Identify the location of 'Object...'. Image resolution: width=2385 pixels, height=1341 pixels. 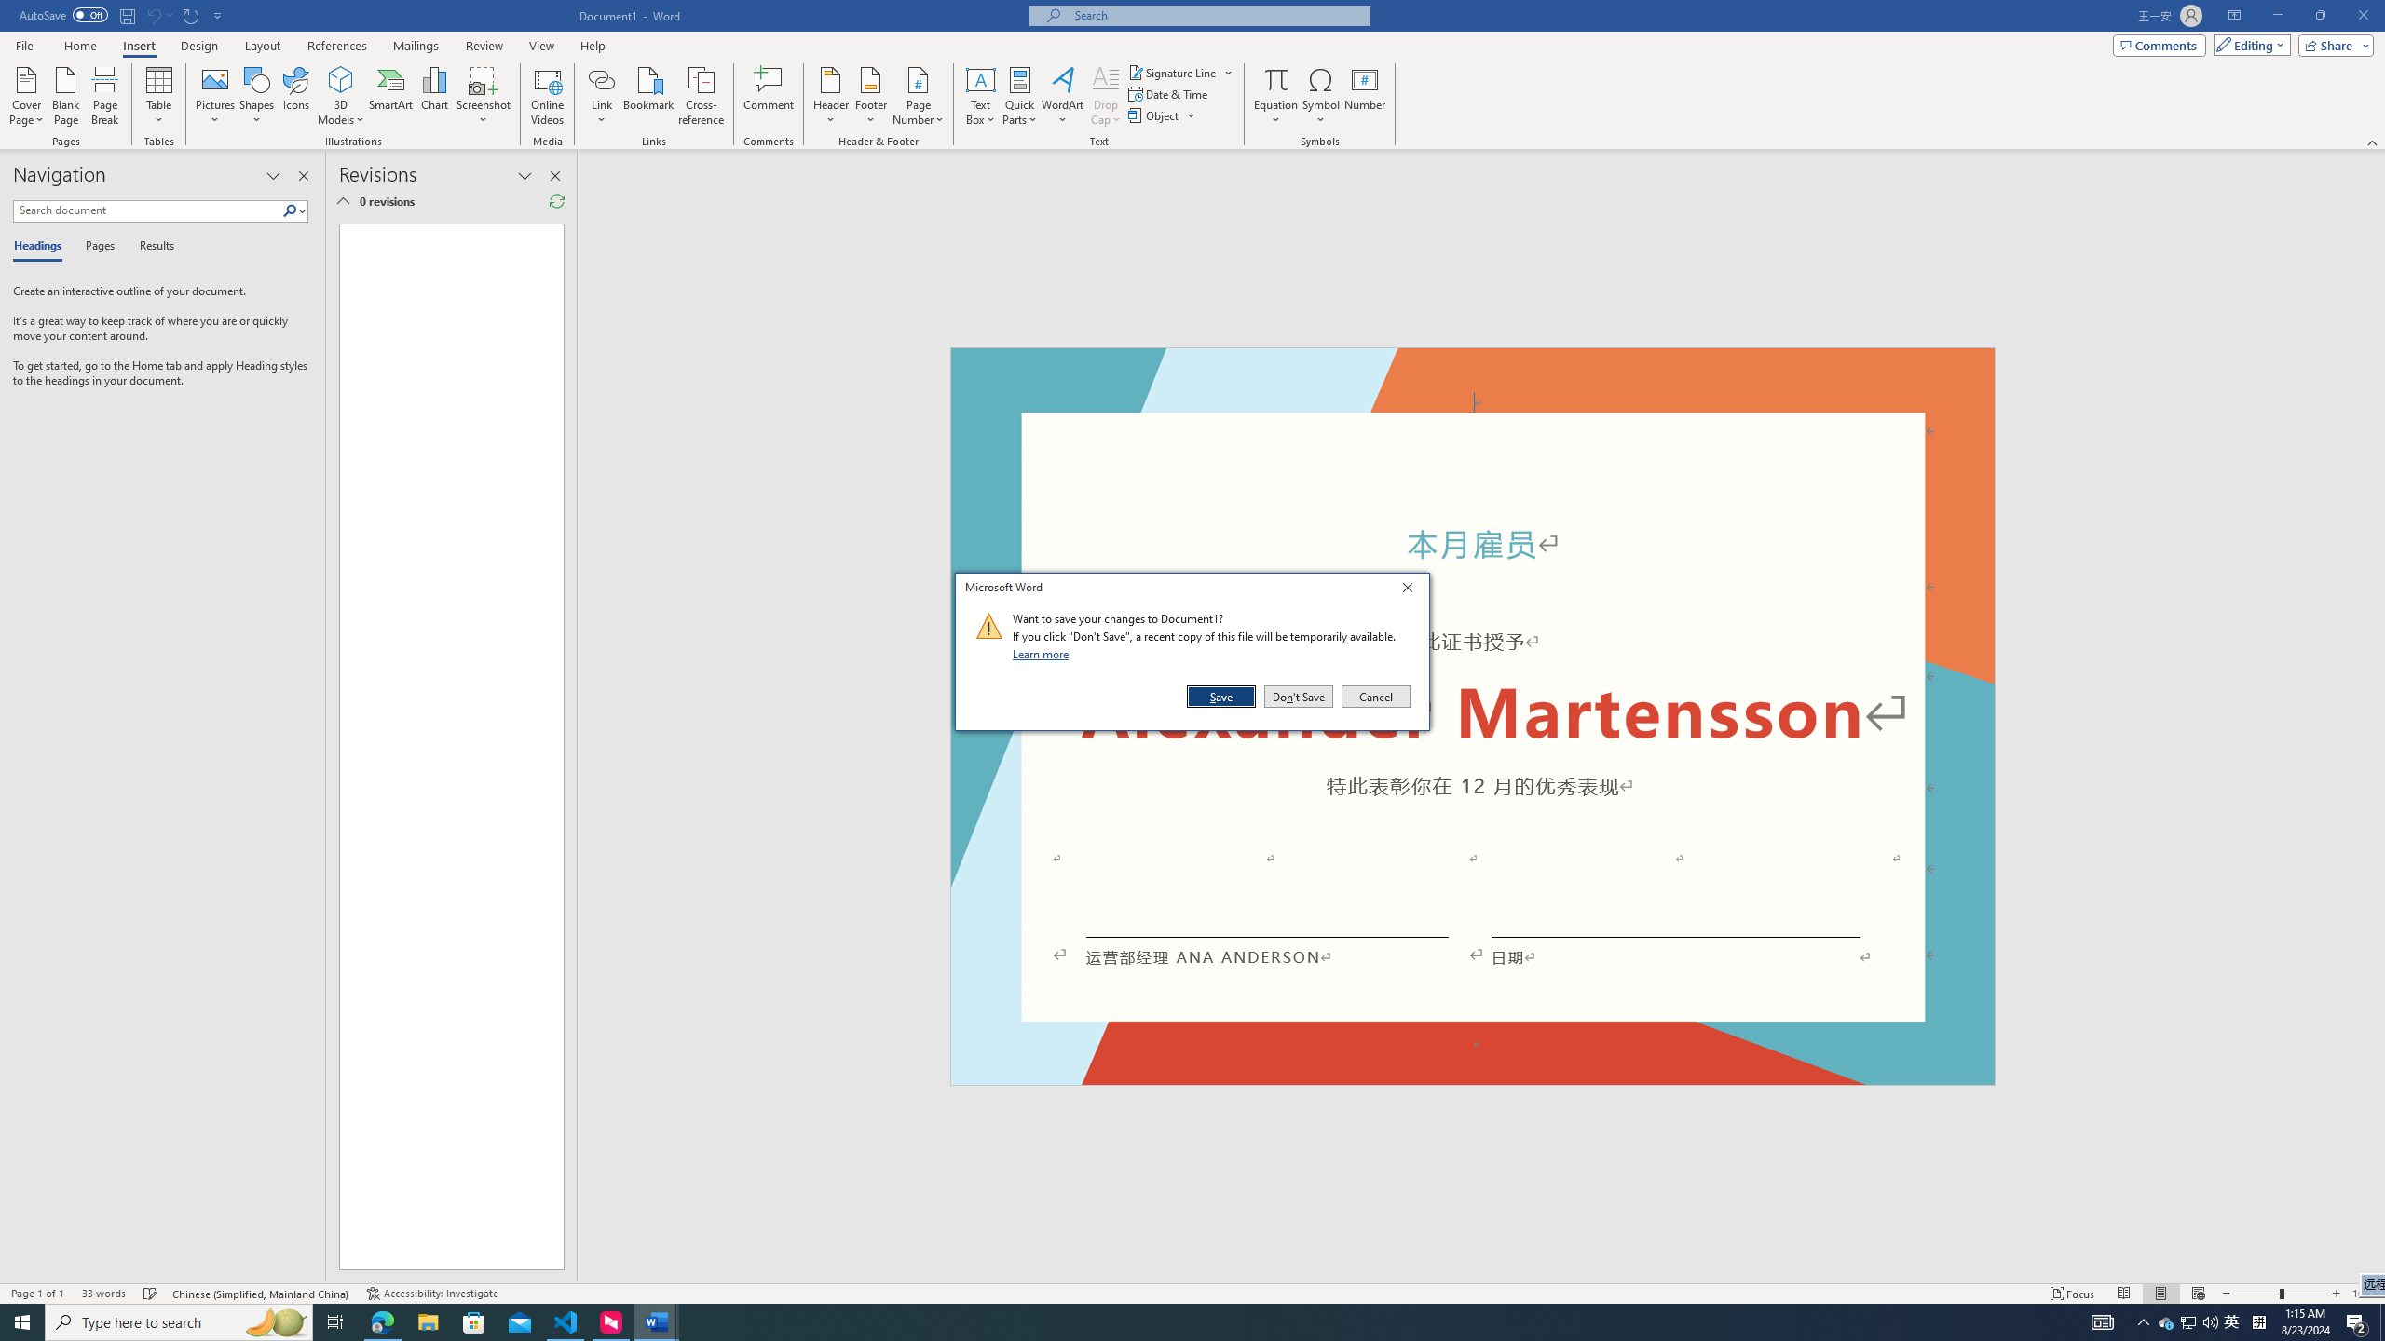
(1162, 114).